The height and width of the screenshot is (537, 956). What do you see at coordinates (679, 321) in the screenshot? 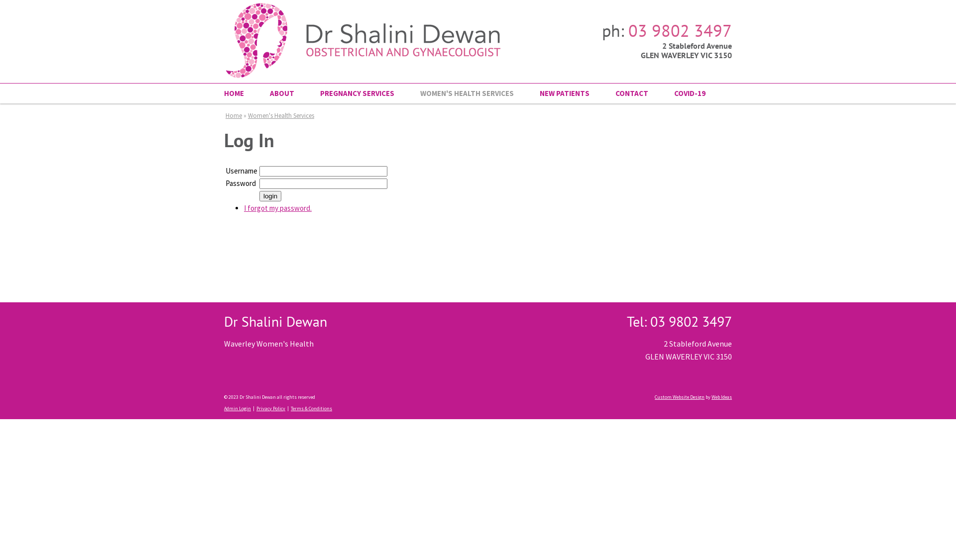
I see `'Tel: 03 9802 3497'` at bounding box center [679, 321].